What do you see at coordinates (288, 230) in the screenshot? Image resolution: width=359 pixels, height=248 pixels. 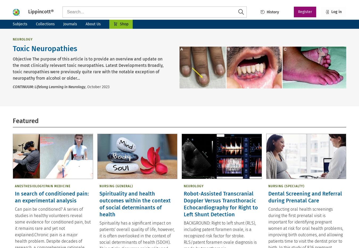 I see `'September 29, 2023'` at bounding box center [288, 230].